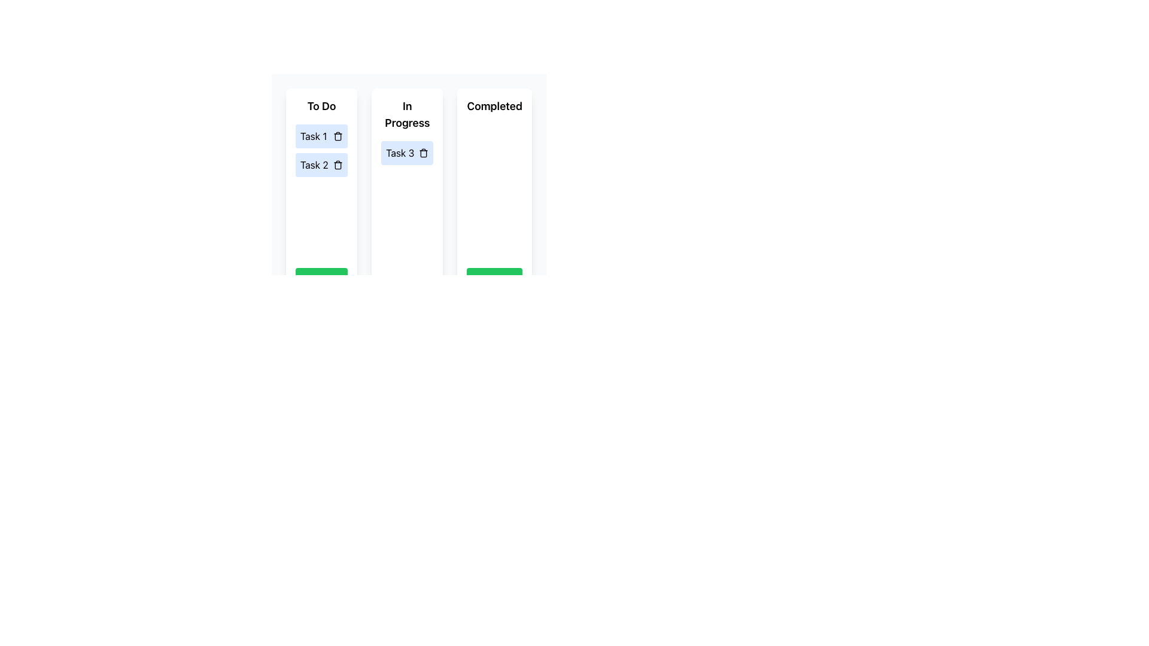 The width and height of the screenshot is (1149, 646). I want to click on the task management section labeled 'Completed' to provide visual feedback, so click(494, 209).